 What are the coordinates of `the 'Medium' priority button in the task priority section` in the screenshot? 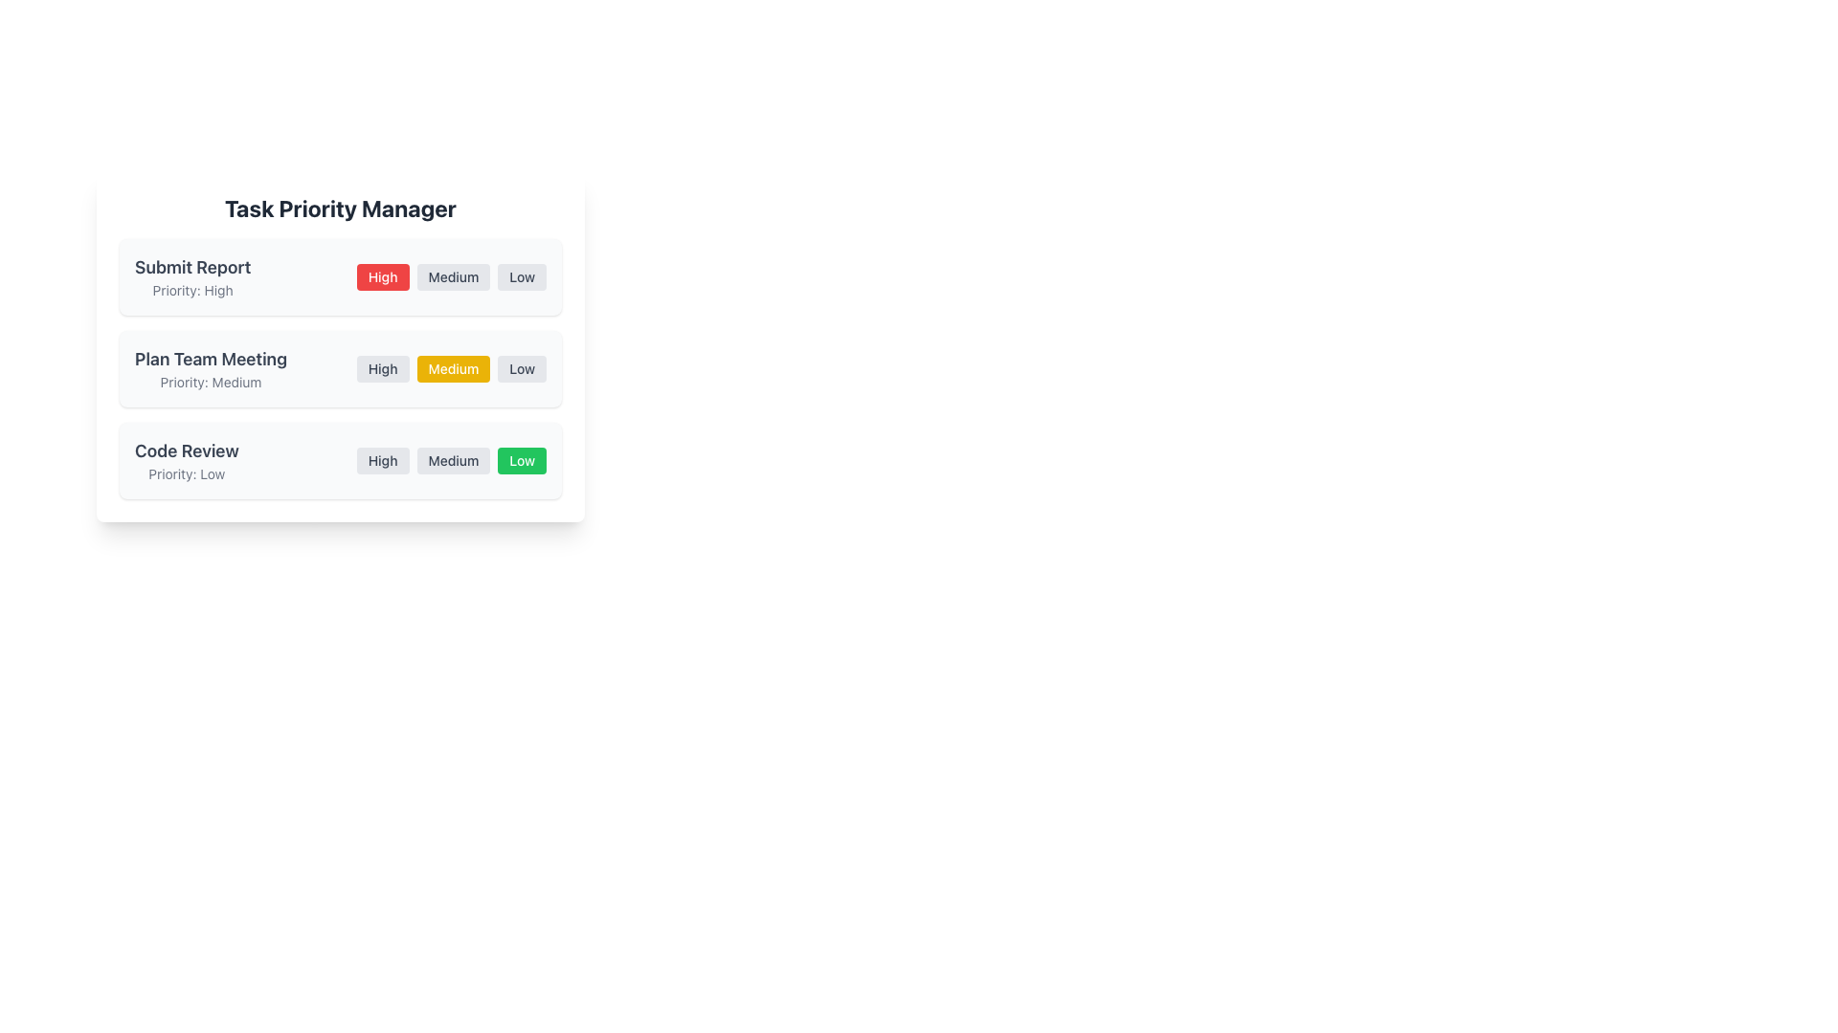 It's located at (453, 461).